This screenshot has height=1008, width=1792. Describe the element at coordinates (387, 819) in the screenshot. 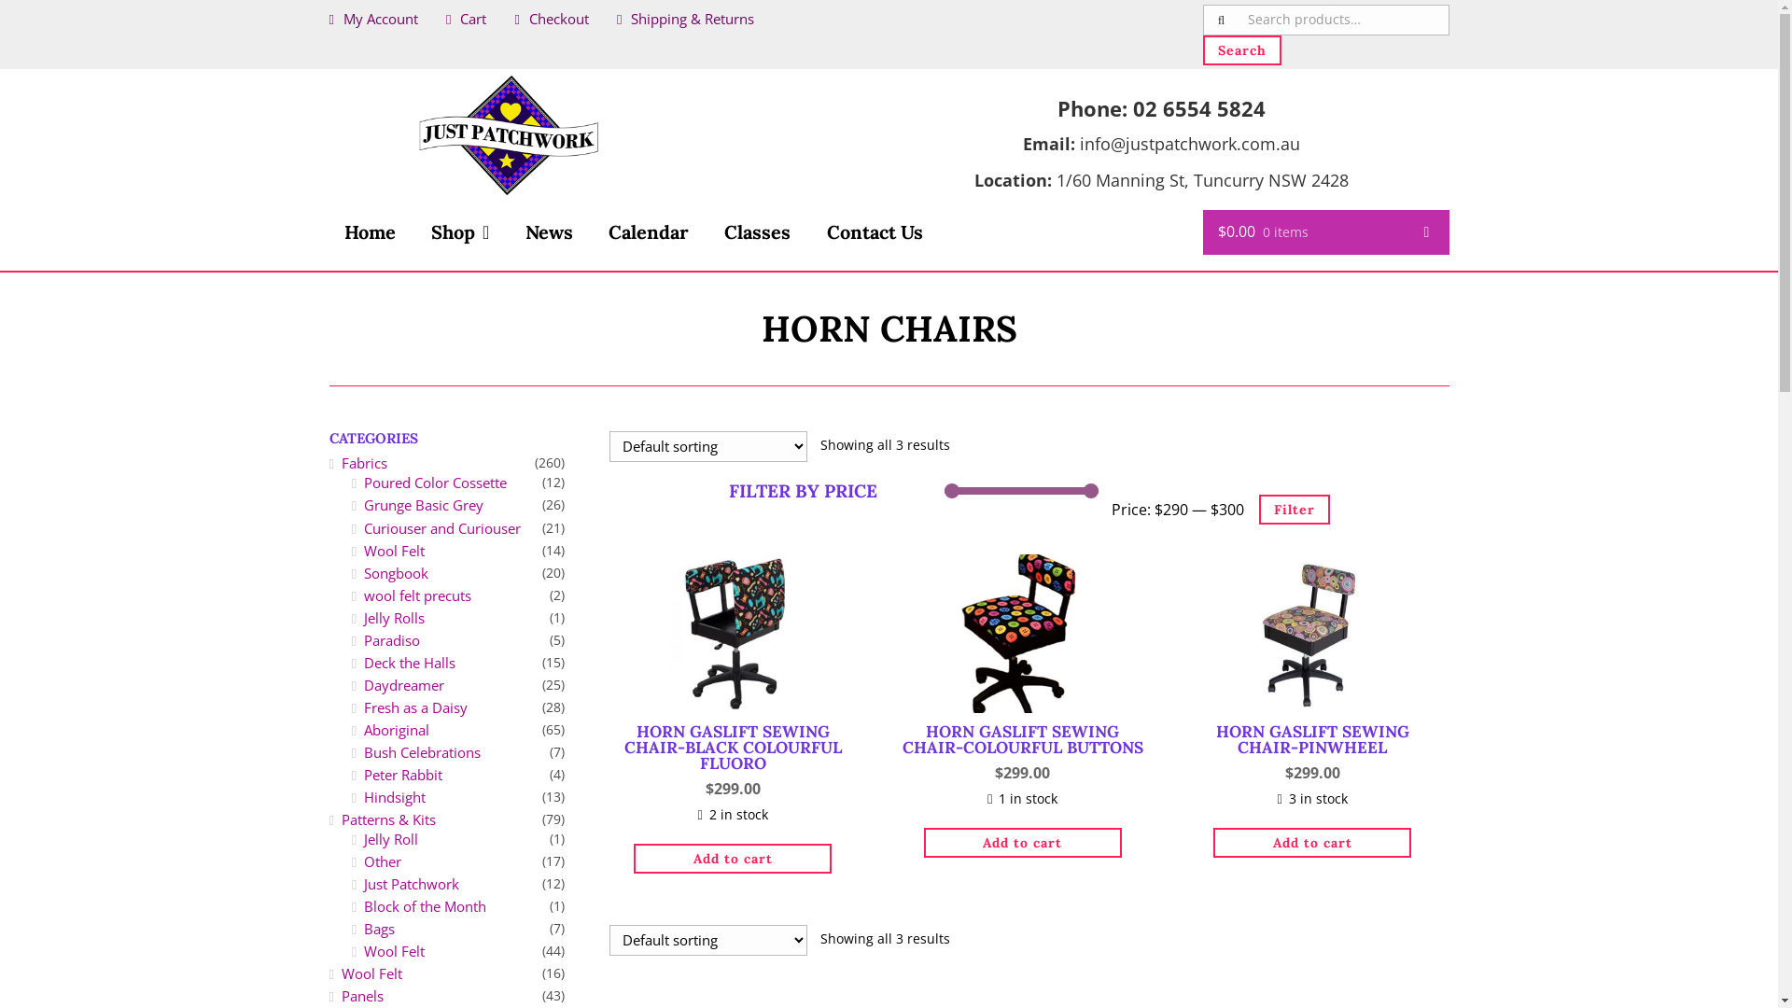

I see `'Patterns & Kits'` at that location.